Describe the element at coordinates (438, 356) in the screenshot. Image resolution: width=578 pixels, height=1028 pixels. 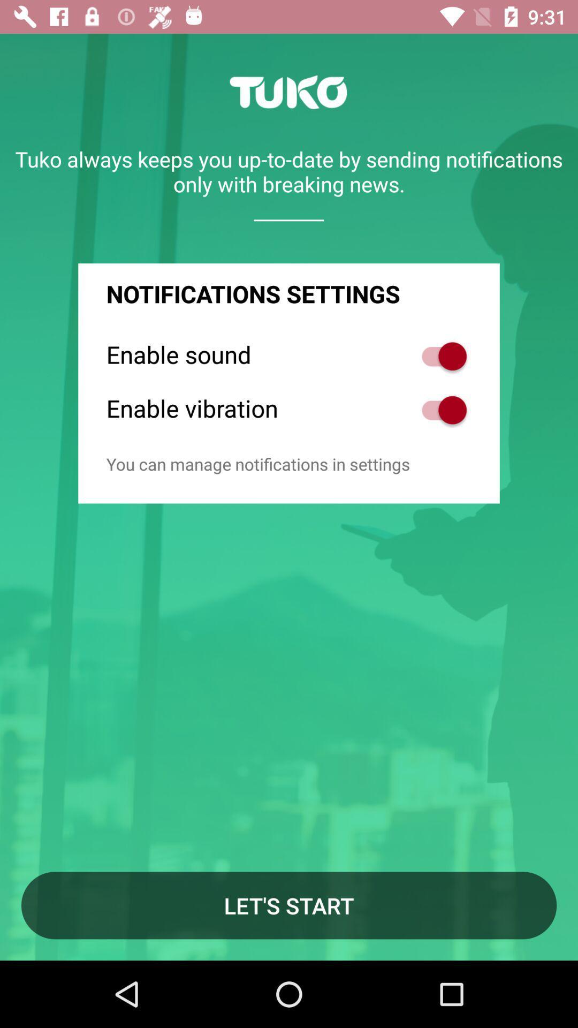
I see `enable sound option` at that location.